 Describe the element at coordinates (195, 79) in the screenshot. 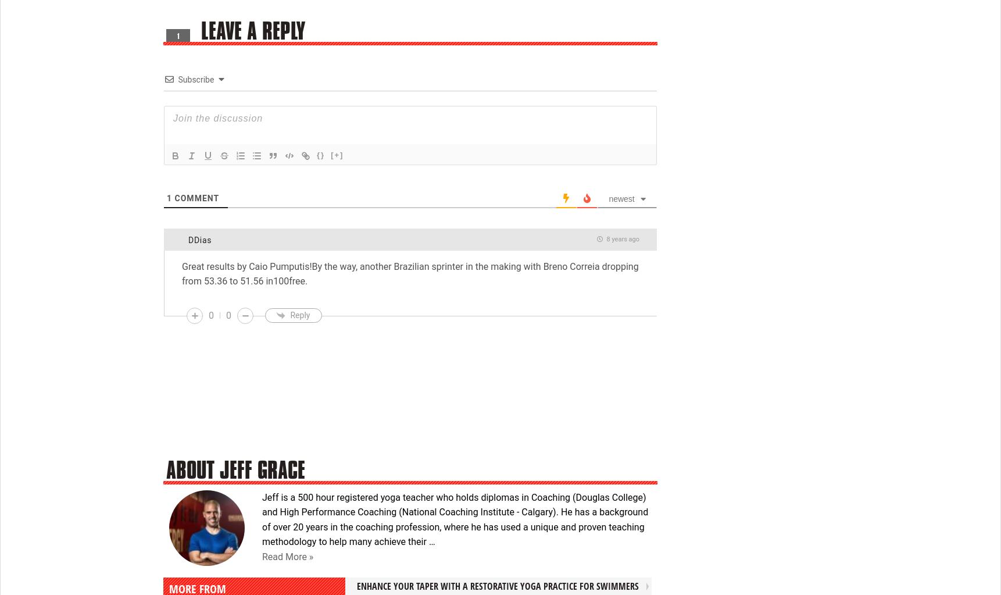

I see `'Subscribe'` at that location.